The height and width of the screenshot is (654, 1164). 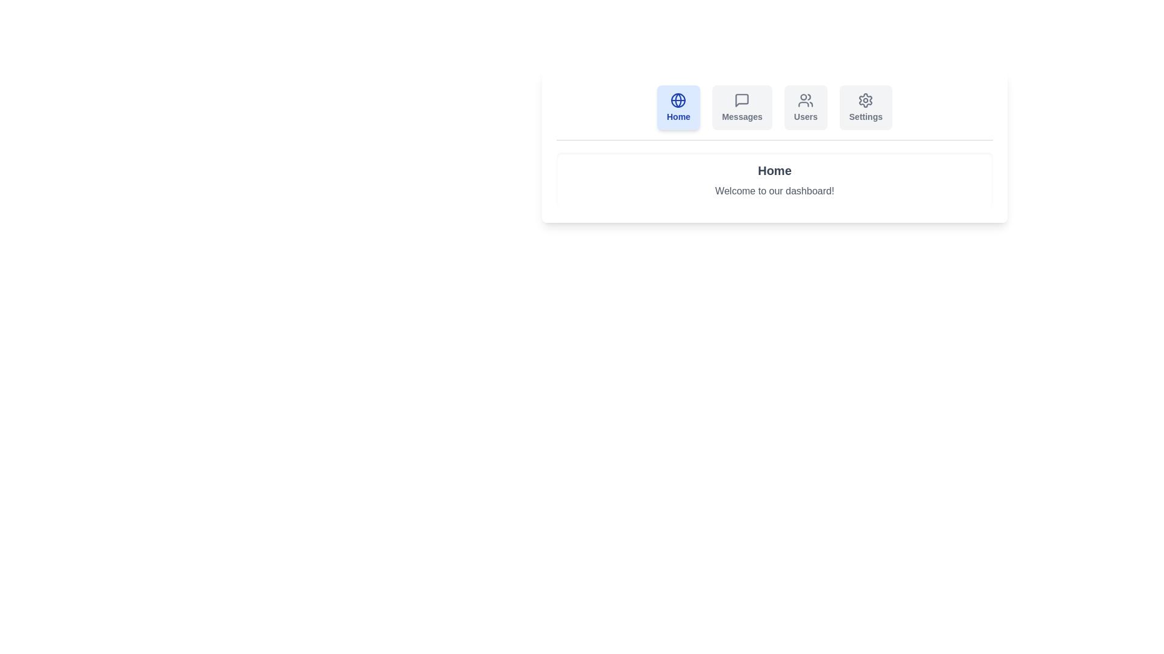 What do you see at coordinates (865, 107) in the screenshot?
I see `the tab labeled Settings to observe its hover effect` at bounding box center [865, 107].